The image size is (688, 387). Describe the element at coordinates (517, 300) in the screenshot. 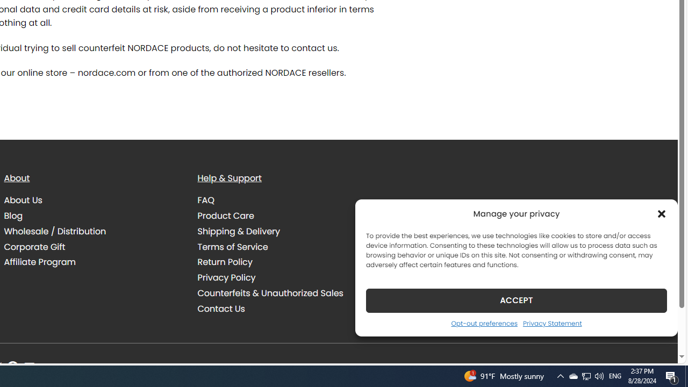

I see `'ACCEPT'` at that location.